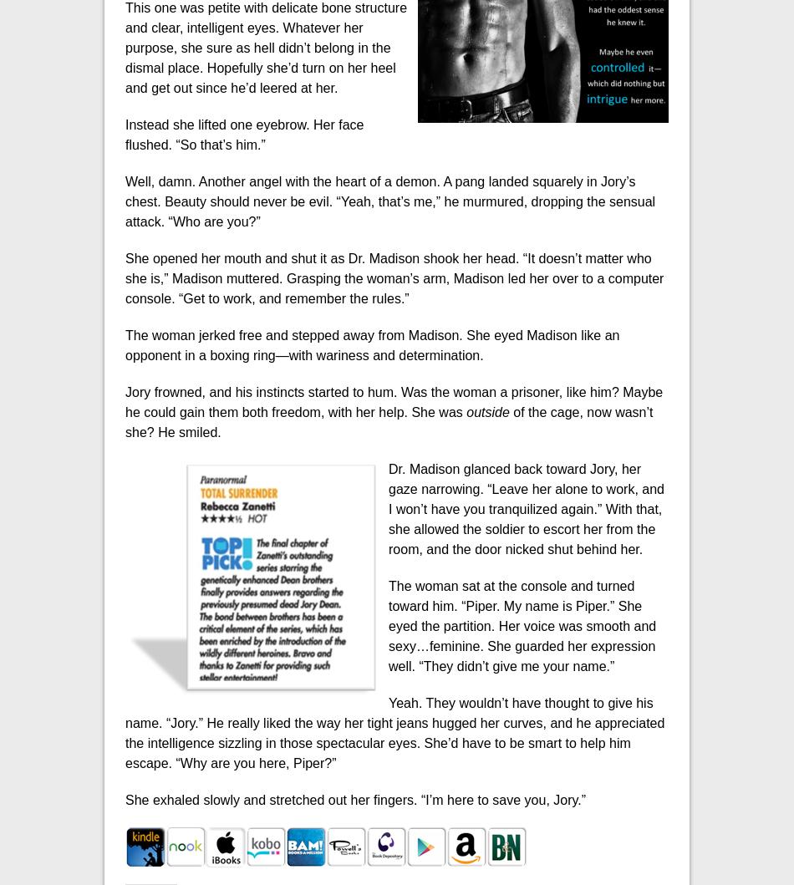 The width and height of the screenshot is (794, 885). What do you see at coordinates (393, 277) in the screenshot?
I see `'She opened her mouth and shut it as Dr. Madison shook her head. “It doesn’t matter who she is,” Madison muttered. Grasping the woman’s arm, Madison led her over to a computer console. “Get to work, and remember the rules.”'` at bounding box center [393, 277].